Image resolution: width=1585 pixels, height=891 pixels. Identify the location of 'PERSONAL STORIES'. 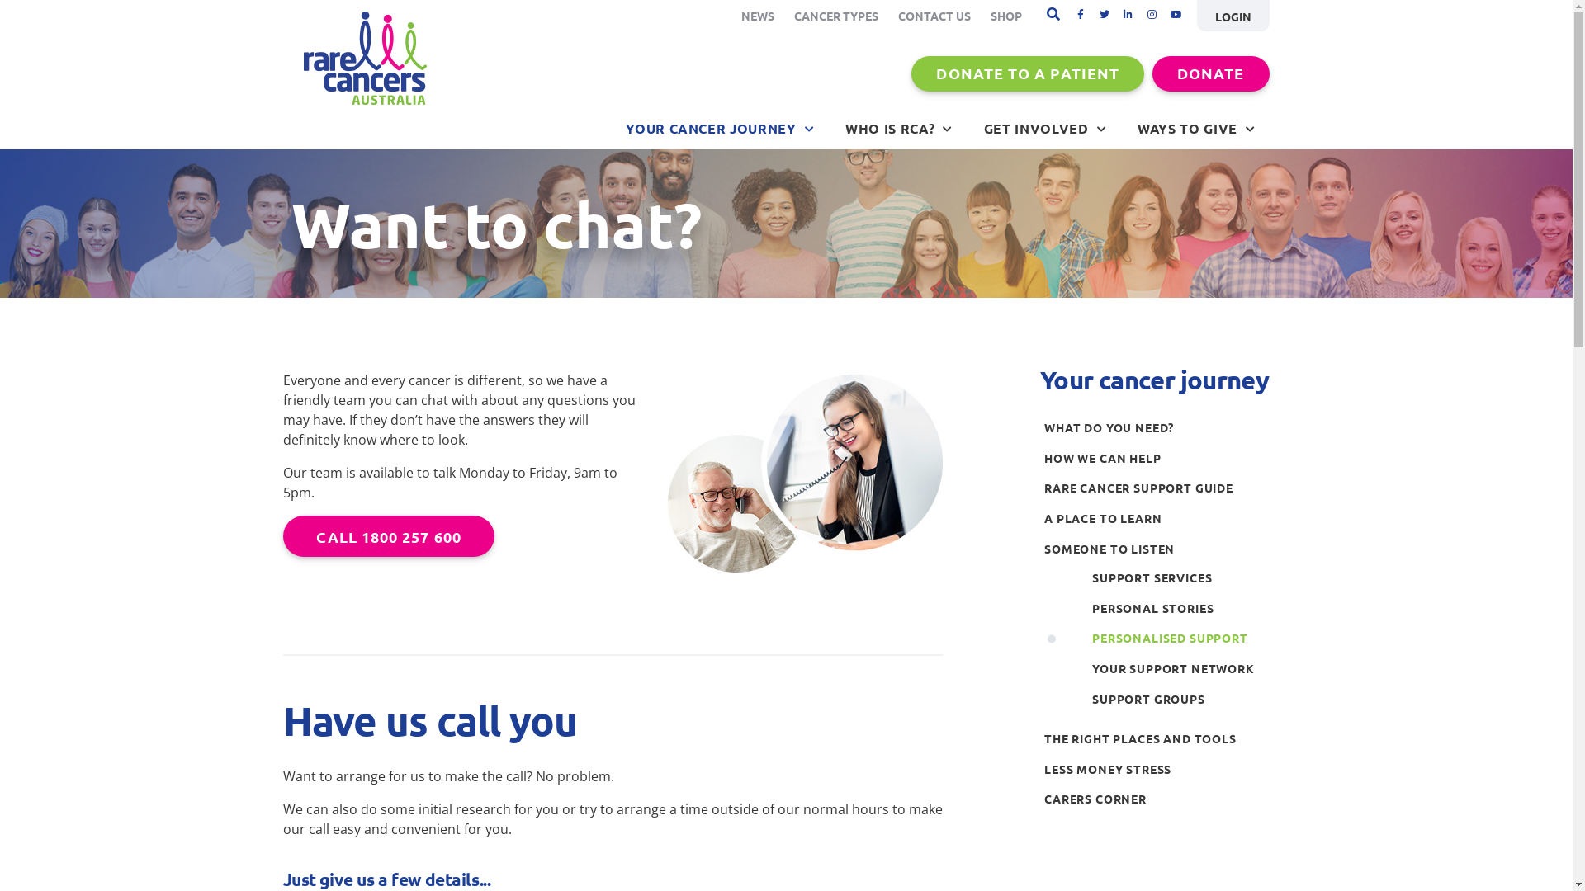
(1184, 608).